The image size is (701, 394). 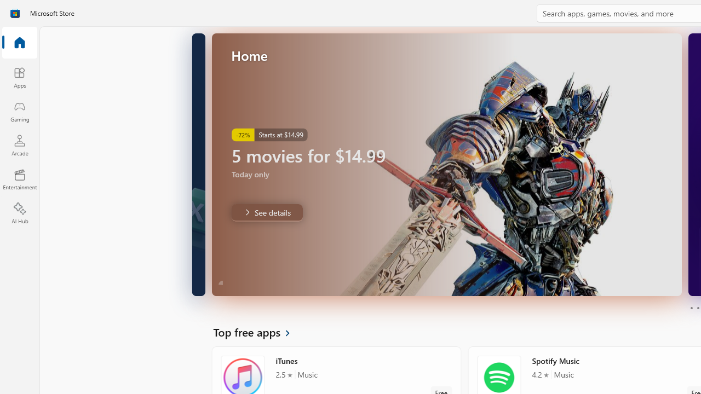 I want to click on 'AI Hub', so click(x=19, y=213).